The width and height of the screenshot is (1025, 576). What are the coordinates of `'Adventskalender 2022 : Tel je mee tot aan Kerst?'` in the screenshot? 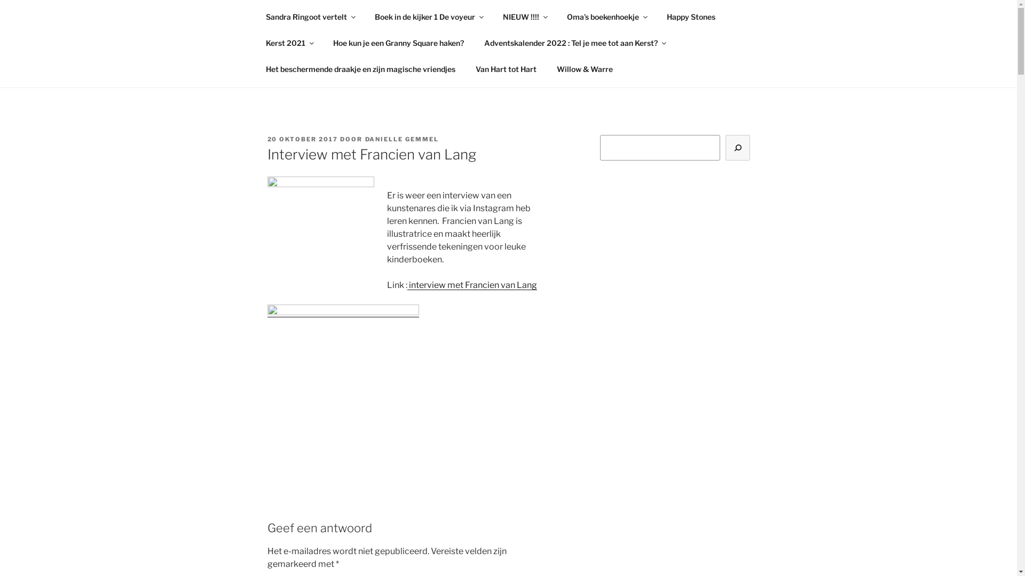 It's located at (574, 42).